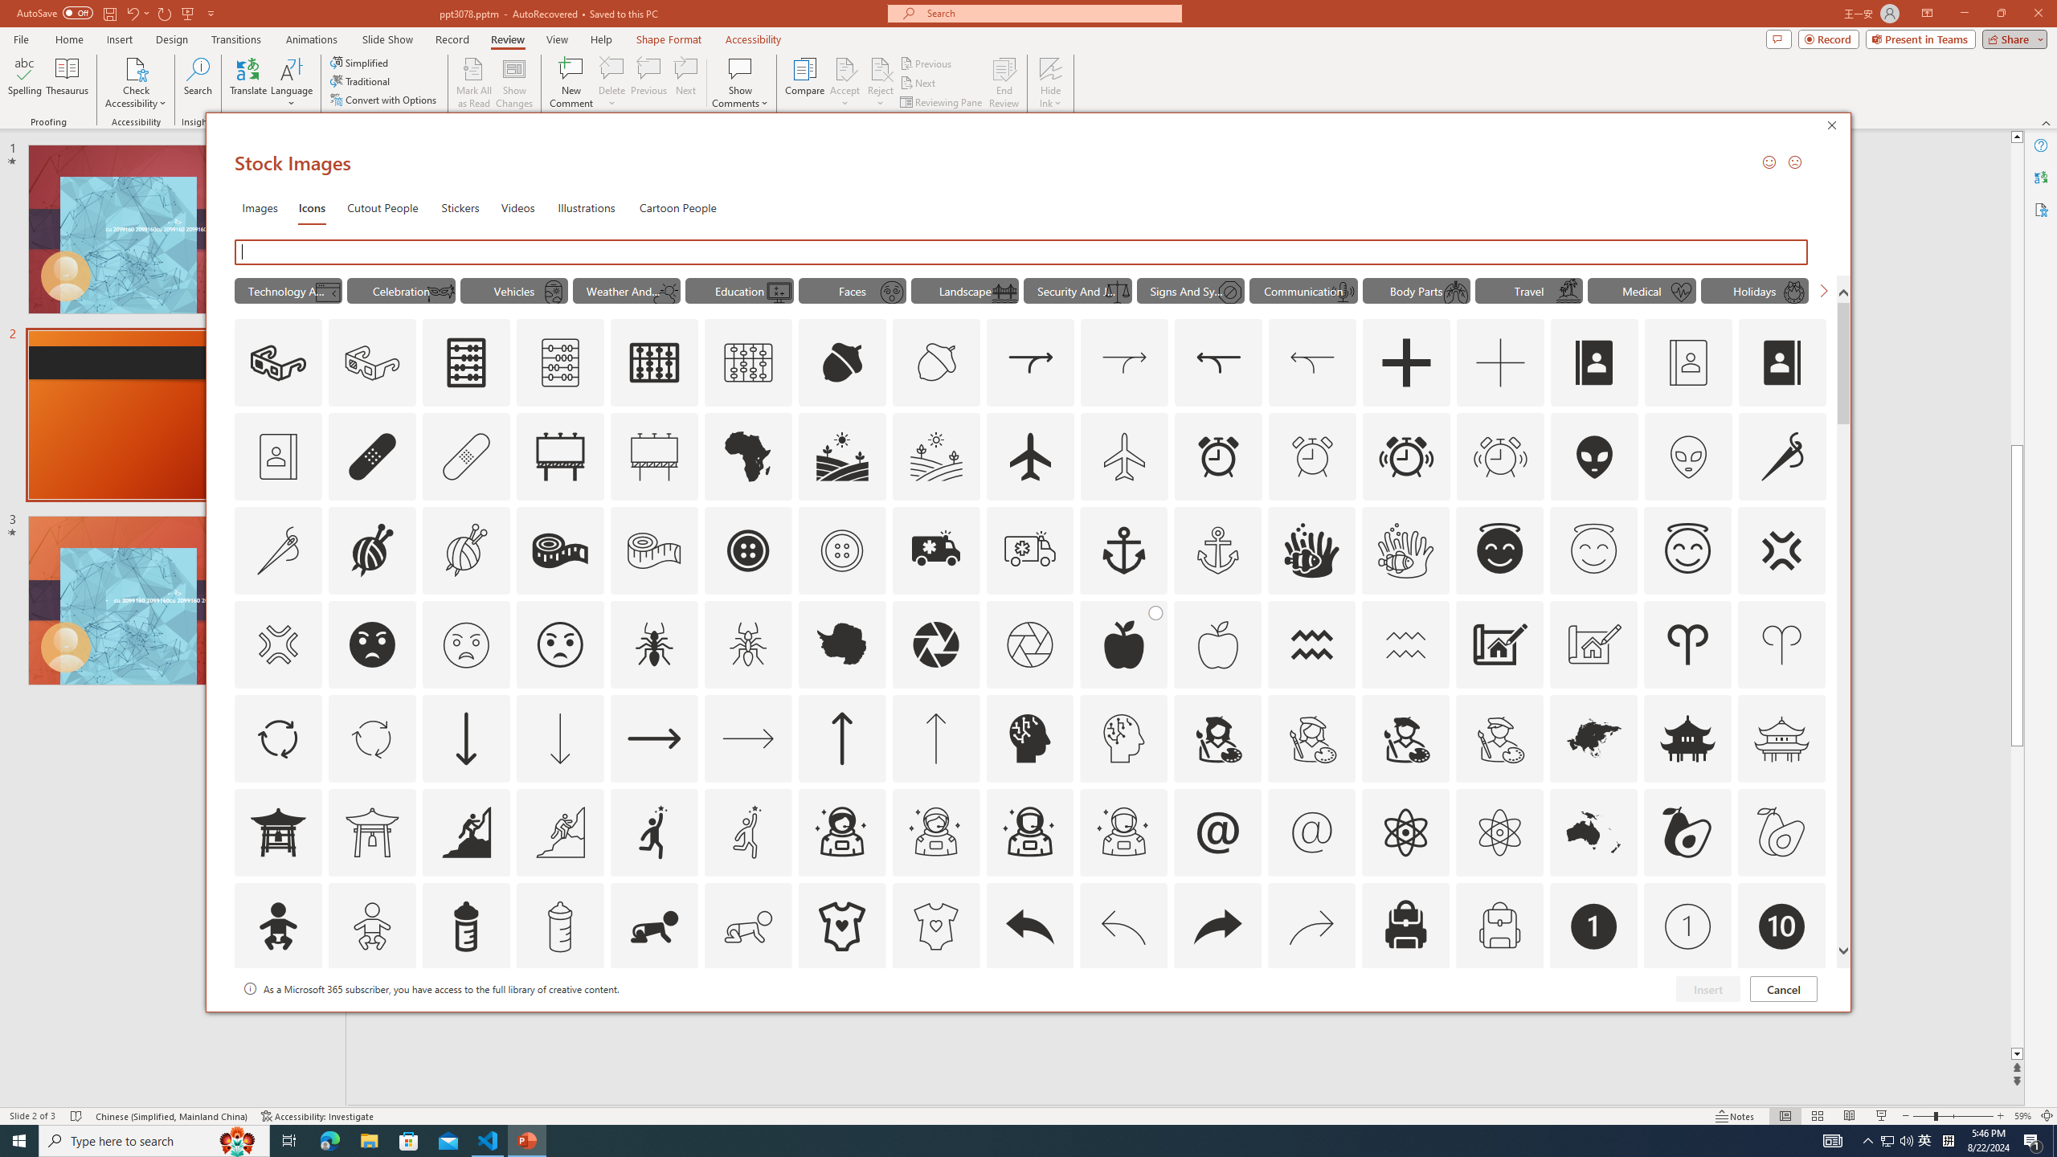  What do you see at coordinates (841, 738) in the screenshot?
I see `'AutomationID: Icons_ArrowUp'` at bounding box center [841, 738].